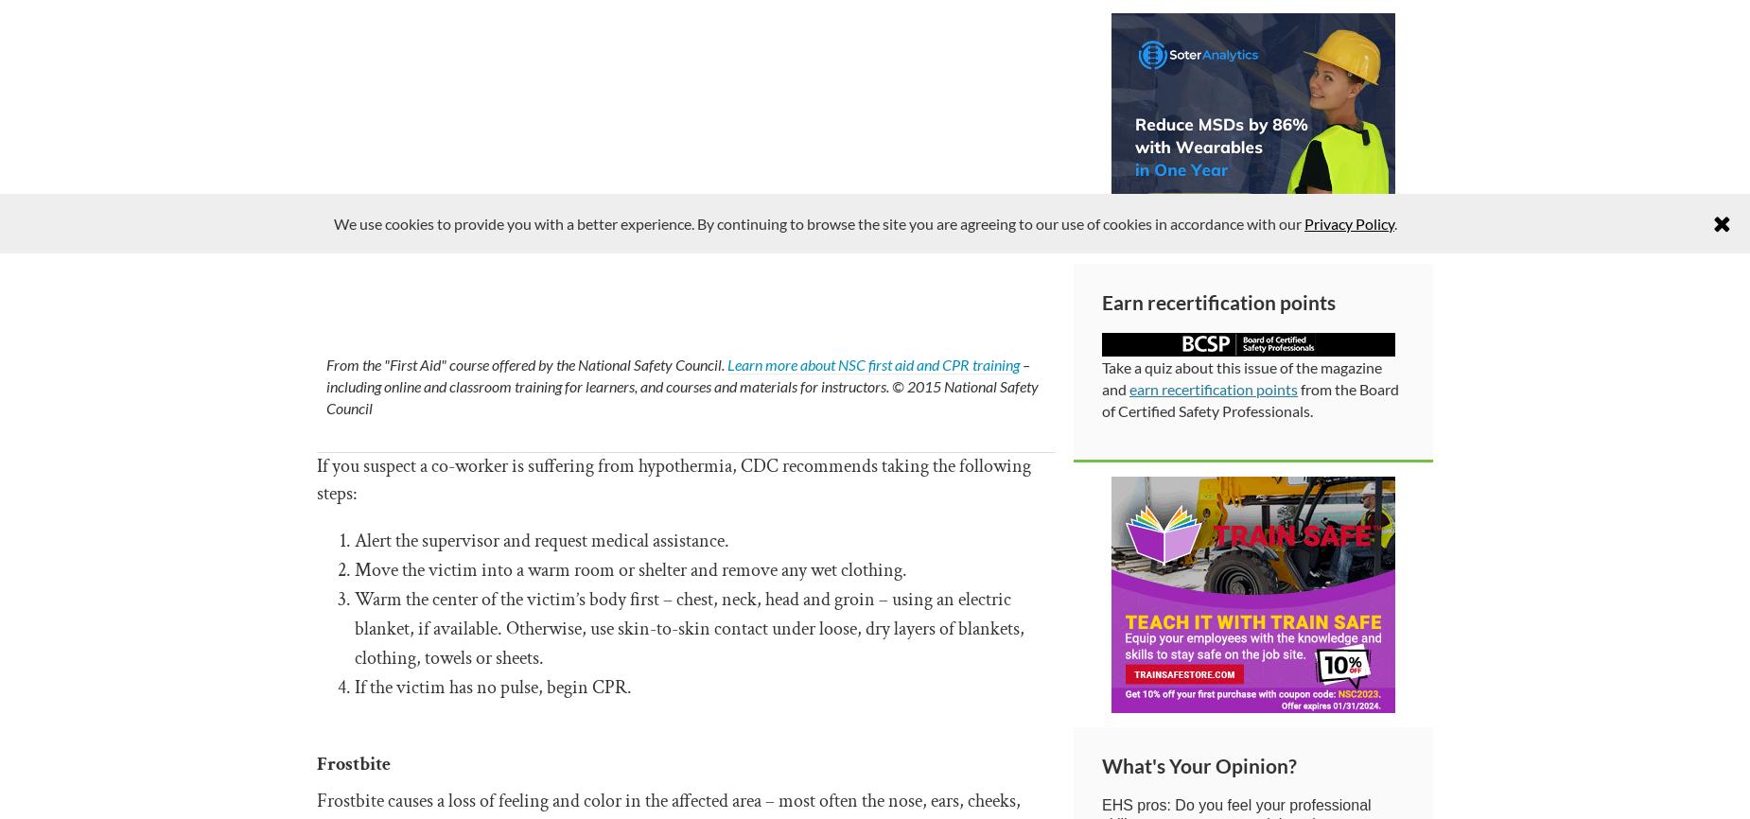 The image size is (1750, 819). I want to click on '.', so click(1395, 221).